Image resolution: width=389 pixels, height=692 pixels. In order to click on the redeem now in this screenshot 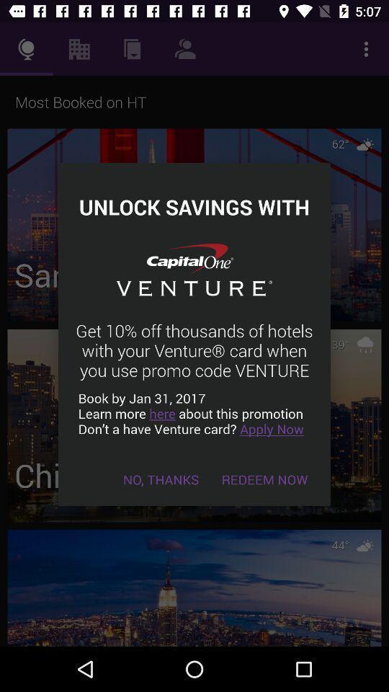, I will do `click(264, 479)`.